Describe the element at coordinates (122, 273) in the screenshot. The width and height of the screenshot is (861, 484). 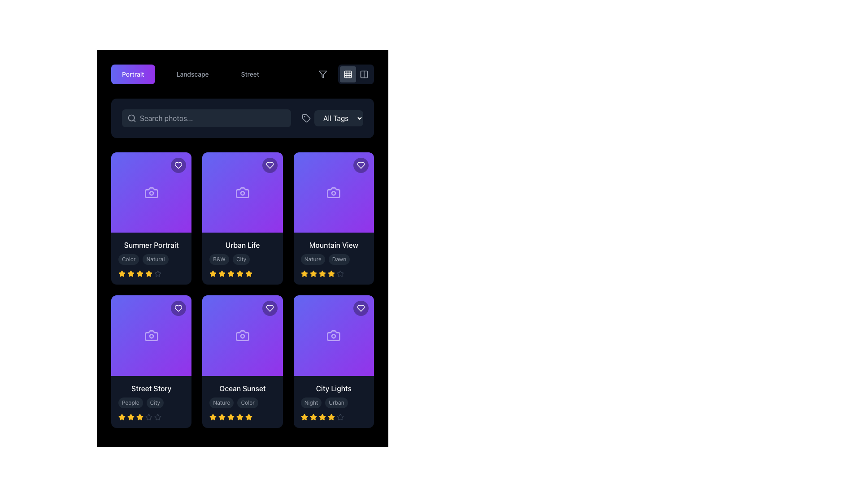
I see `the first star icon in the 5-star rating system under the 'Summer Portrait' title` at that location.